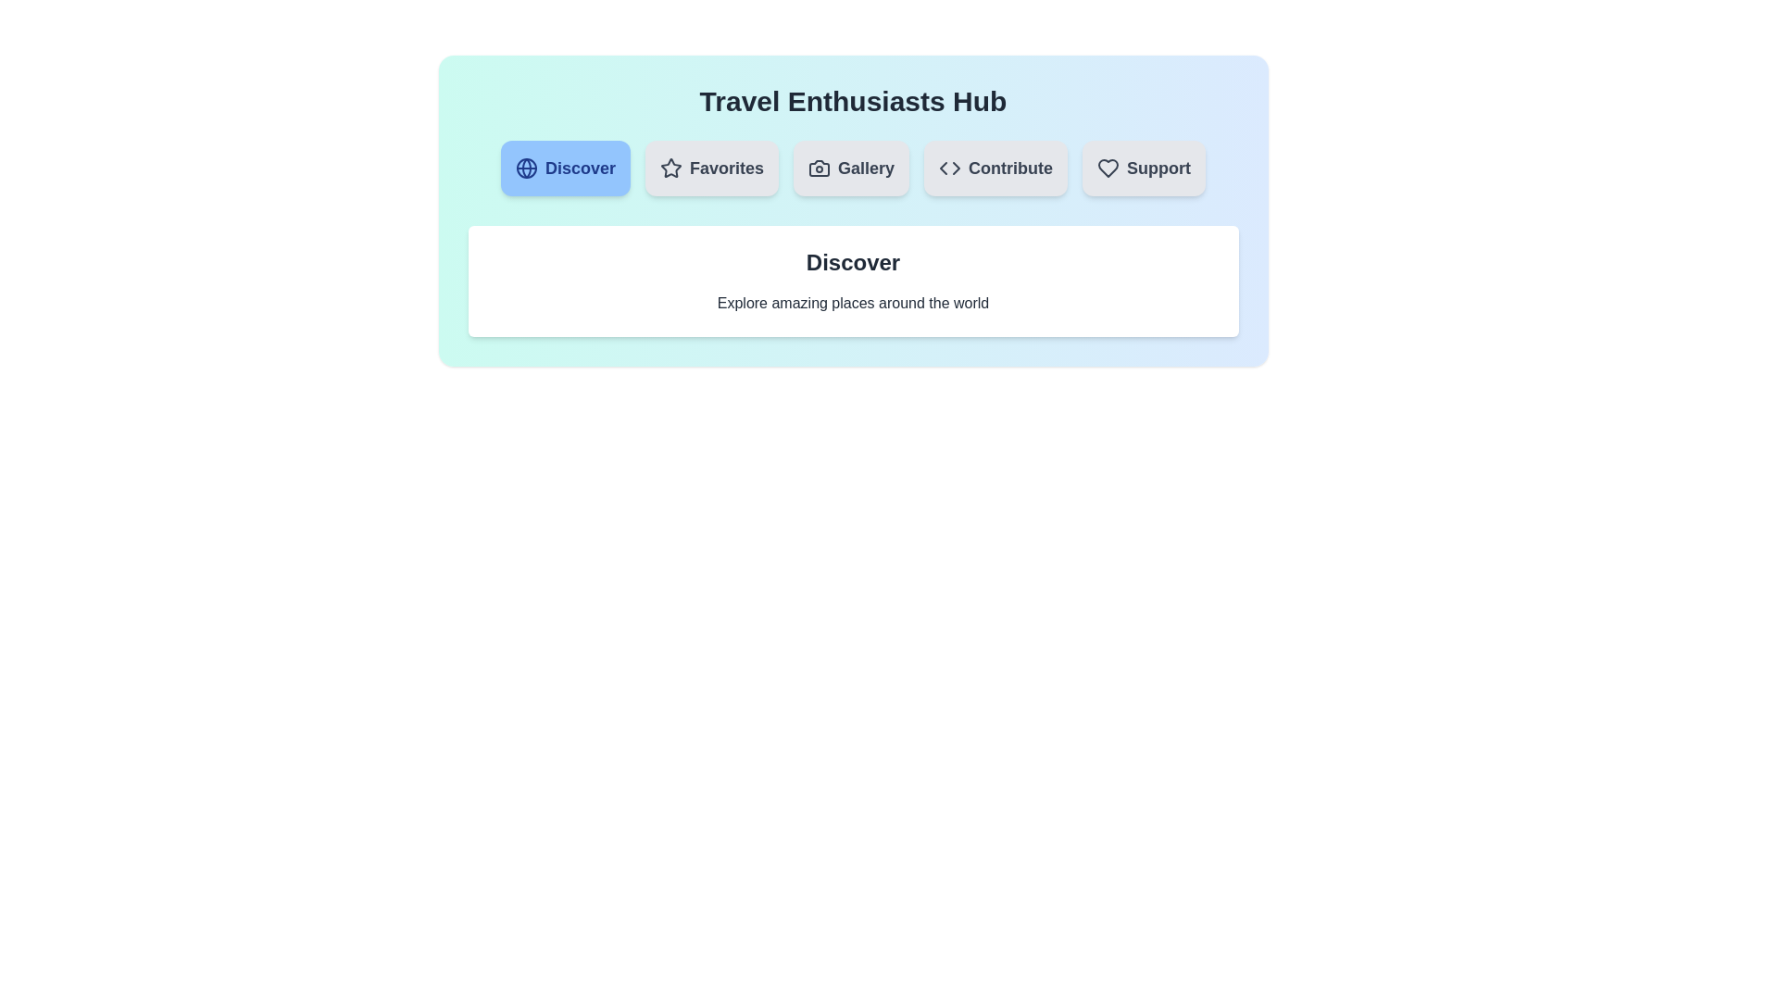  What do you see at coordinates (995, 168) in the screenshot?
I see `the fourth button from the left in the button group, located between the 'Gallery' and 'Support' buttons` at bounding box center [995, 168].